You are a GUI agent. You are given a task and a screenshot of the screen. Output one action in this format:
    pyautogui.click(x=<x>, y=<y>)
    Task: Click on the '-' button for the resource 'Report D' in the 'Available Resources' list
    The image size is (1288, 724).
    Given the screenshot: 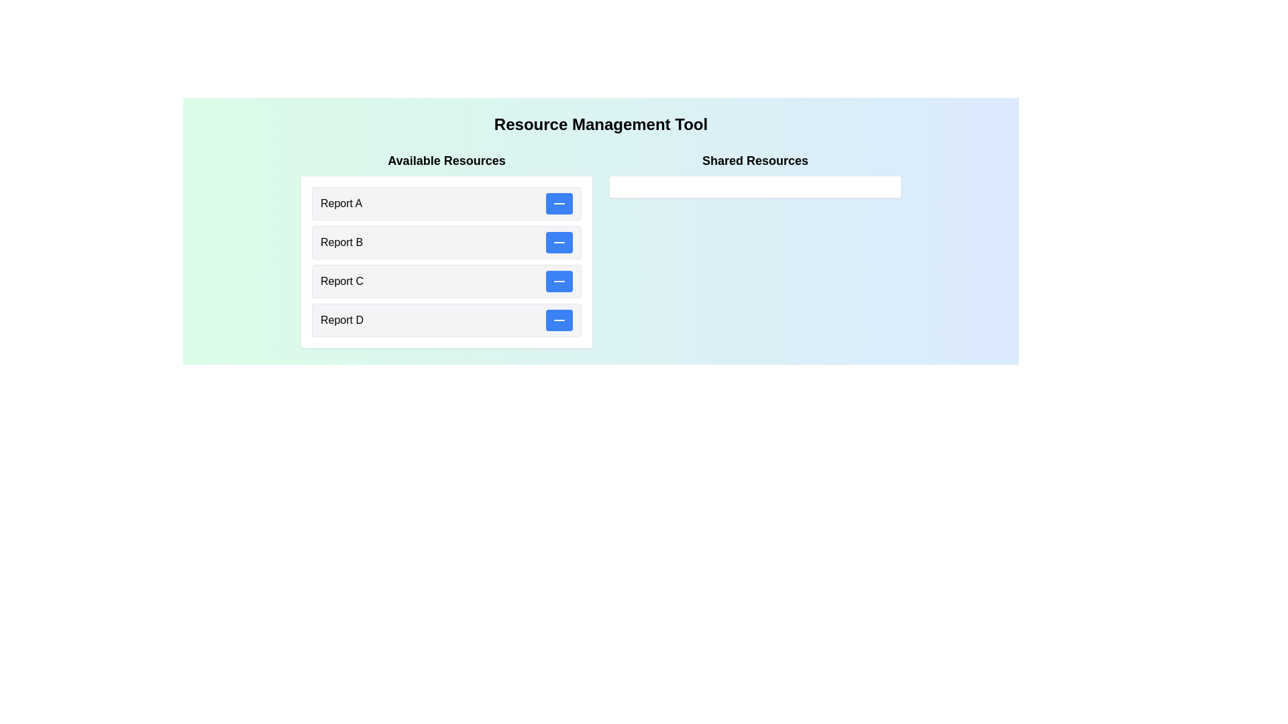 What is the action you would take?
    pyautogui.click(x=559, y=320)
    